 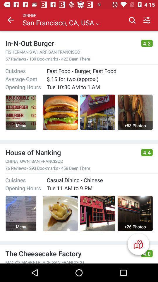 What do you see at coordinates (99, 78) in the screenshot?
I see `the 15 for two icon` at bounding box center [99, 78].